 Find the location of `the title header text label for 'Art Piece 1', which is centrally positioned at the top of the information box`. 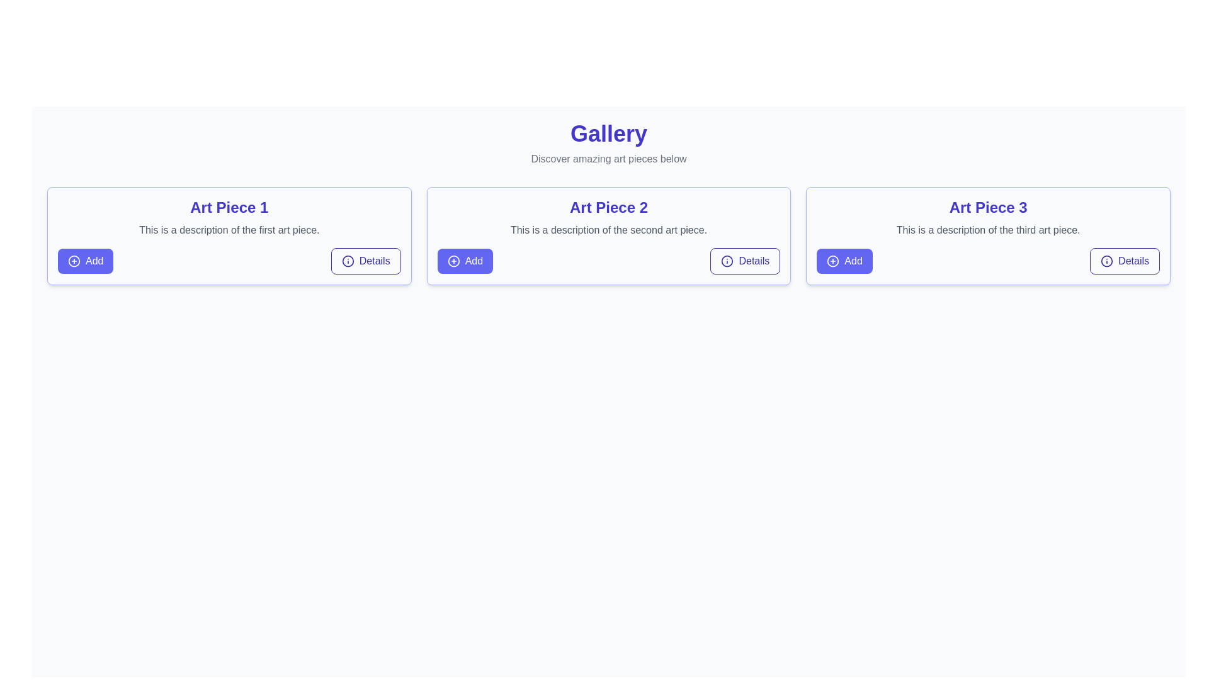

the title header text label for 'Art Piece 1', which is centrally positioned at the top of the information box is located at coordinates (229, 207).